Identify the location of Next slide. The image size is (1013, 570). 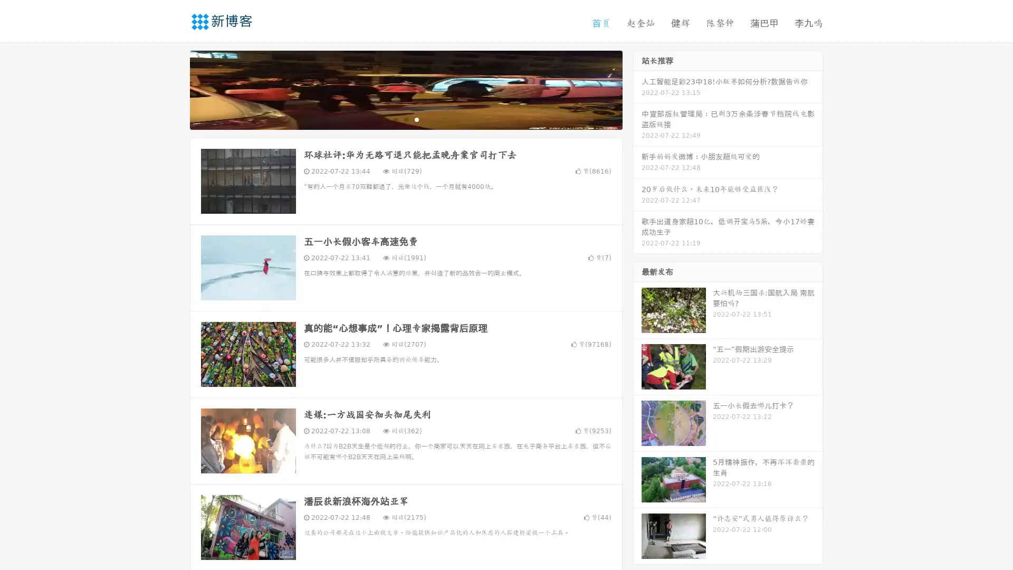
(637, 89).